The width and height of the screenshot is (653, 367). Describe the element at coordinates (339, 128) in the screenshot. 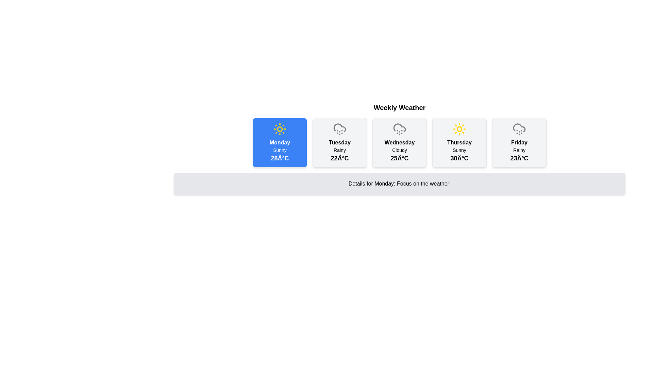

I see `the rainy weather icon, which is a cloud with drizzle drops, located at the top-center of the 'Tuesday Rainy 22°C' card in the weekly weather section` at that location.